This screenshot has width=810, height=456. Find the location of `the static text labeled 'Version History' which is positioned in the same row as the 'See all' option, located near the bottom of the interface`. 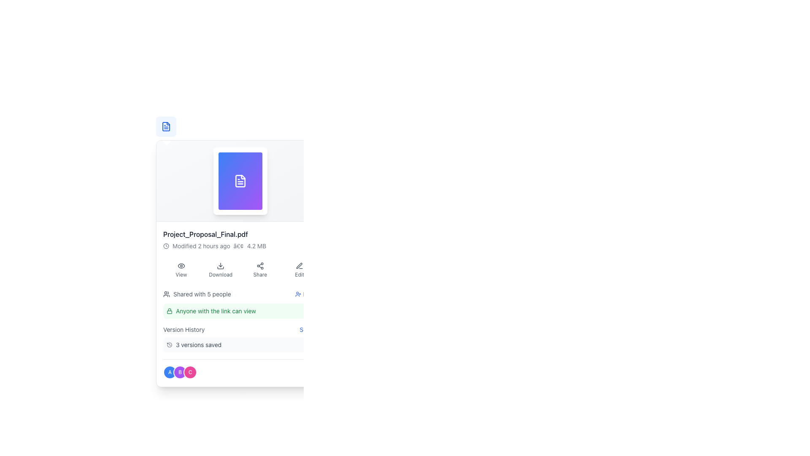

the static text labeled 'Version History' which is positioned in the same row as the 'See all' option, located near the bottom of the interface is located at coordinates (184, 329).